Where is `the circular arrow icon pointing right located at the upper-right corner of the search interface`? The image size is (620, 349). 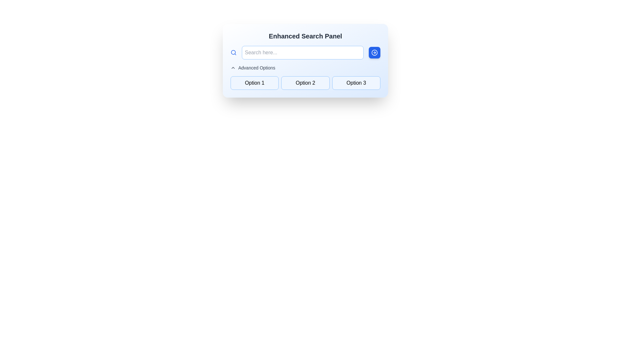 the circular arrow icon pointing right located at the upper-right corner of the search interface is located at coordinates (375, 52).